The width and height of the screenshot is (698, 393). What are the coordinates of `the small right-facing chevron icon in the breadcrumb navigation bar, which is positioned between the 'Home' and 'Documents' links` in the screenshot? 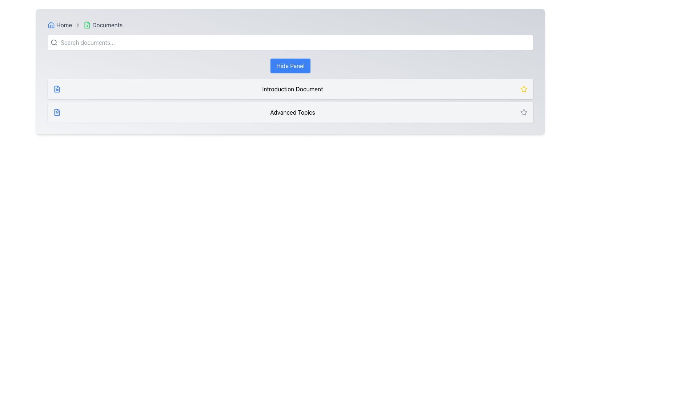 It's located at (78, 25).